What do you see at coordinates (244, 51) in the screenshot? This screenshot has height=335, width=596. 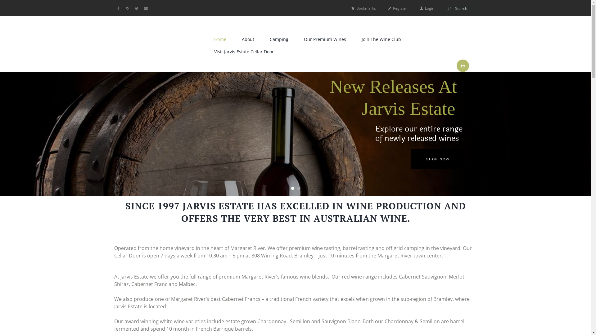 I see `'Visit Jarvis Estate Cellar Door'` at bounding box center [244, 51].